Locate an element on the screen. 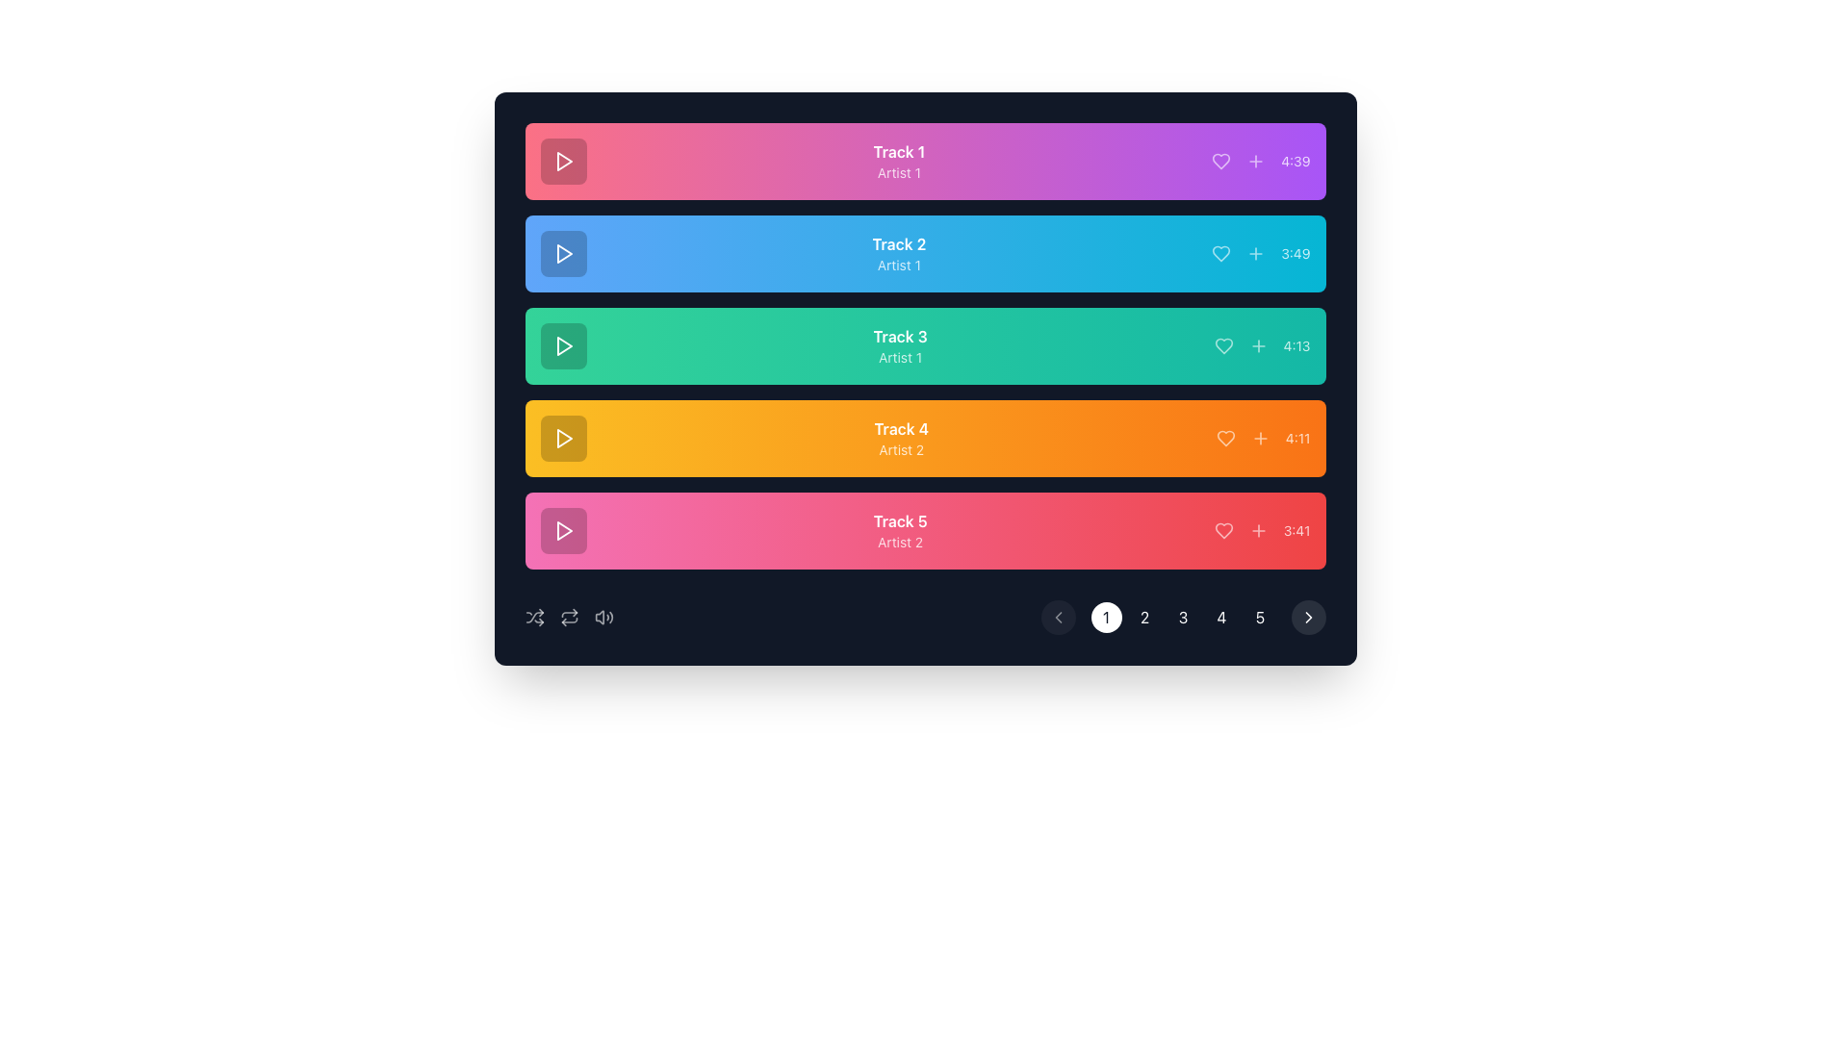 The width and height of the screenshot is (1848, 1039). text label displaying 'Artist 2', which is styled in white text with 80% opacity and located below 'Track 5' in a pink-to-red gradient background is located at coordinates (899, 542).